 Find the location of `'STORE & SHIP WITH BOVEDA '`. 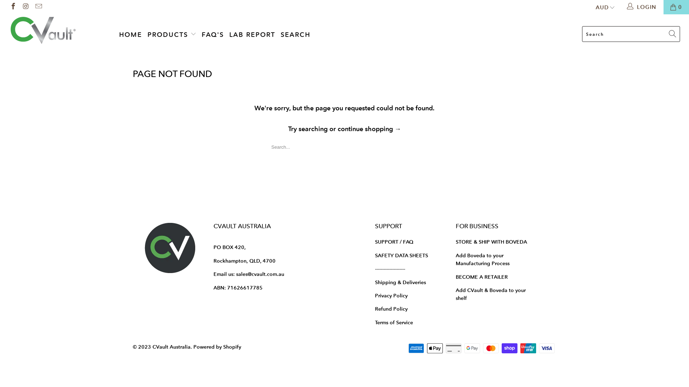

'STORE & SHIP WITH BOVEDA ' is located at coordinates (492, 242).